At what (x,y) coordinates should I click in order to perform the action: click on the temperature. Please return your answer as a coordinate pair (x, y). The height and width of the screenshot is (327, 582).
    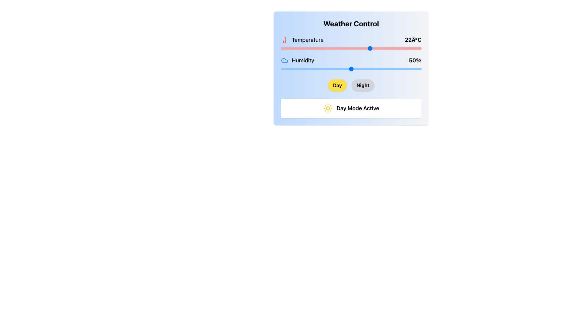
    Looking at the image, I should click on (328, 48).